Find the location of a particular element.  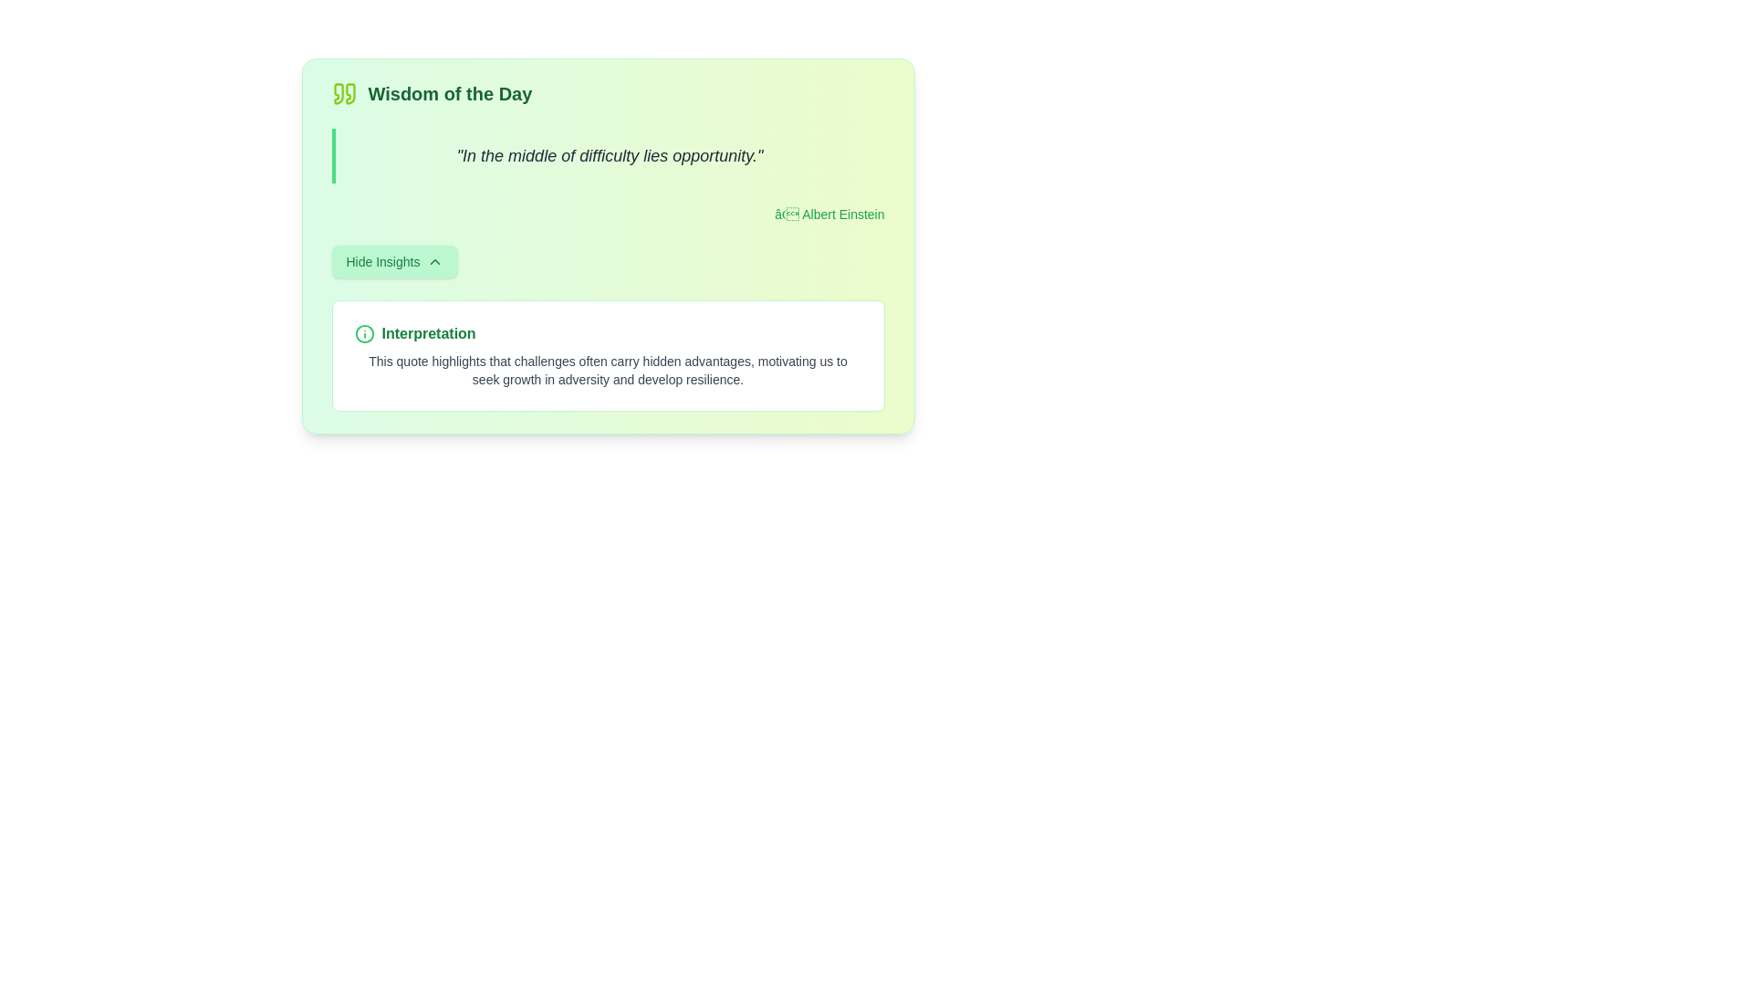

text block that provides interpretation or deeper meaning of the displayed quote, located within a green-themed card section below the quotation and the 'Hide Insights' button is located at coordinates (608, 355).